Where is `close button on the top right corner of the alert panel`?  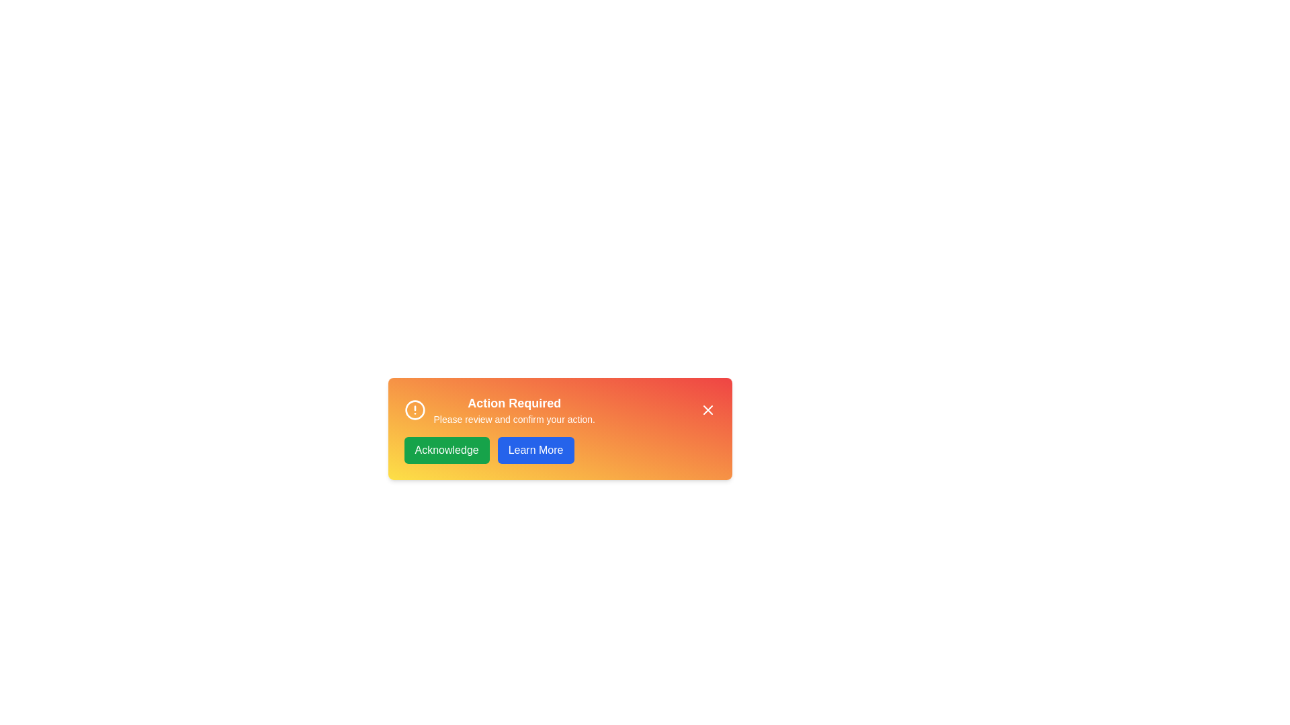
close button on the top right corner of the alert panel is located at coordinates (707, 409).